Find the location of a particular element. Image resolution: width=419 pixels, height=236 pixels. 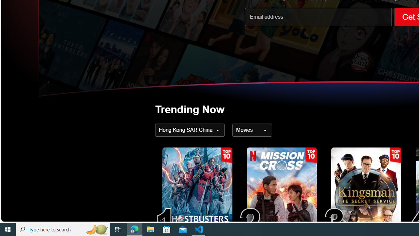

'Region' is located at coordinates (189, 130).